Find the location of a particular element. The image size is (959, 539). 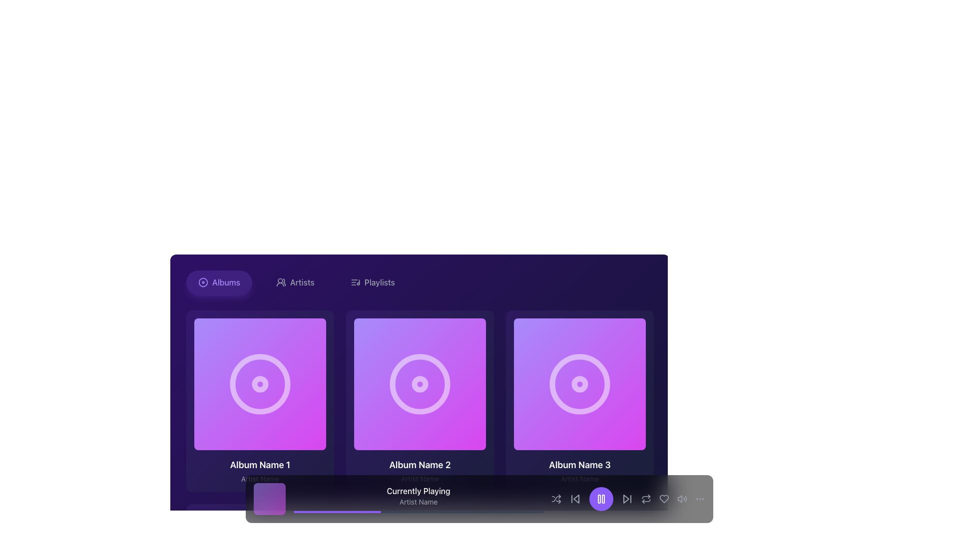

the static text label displaying the artist's name located at the bottom of the 'Album Name 1' card in the first column of the Albums grid is located at coordinates (260, 479).